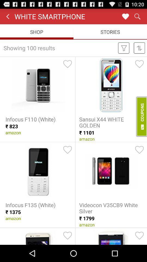 The image size is (147, 262). What do you see at coordinates (139, 150) in the screenshot?
I see `like the design` at bounding box center [139, 150].